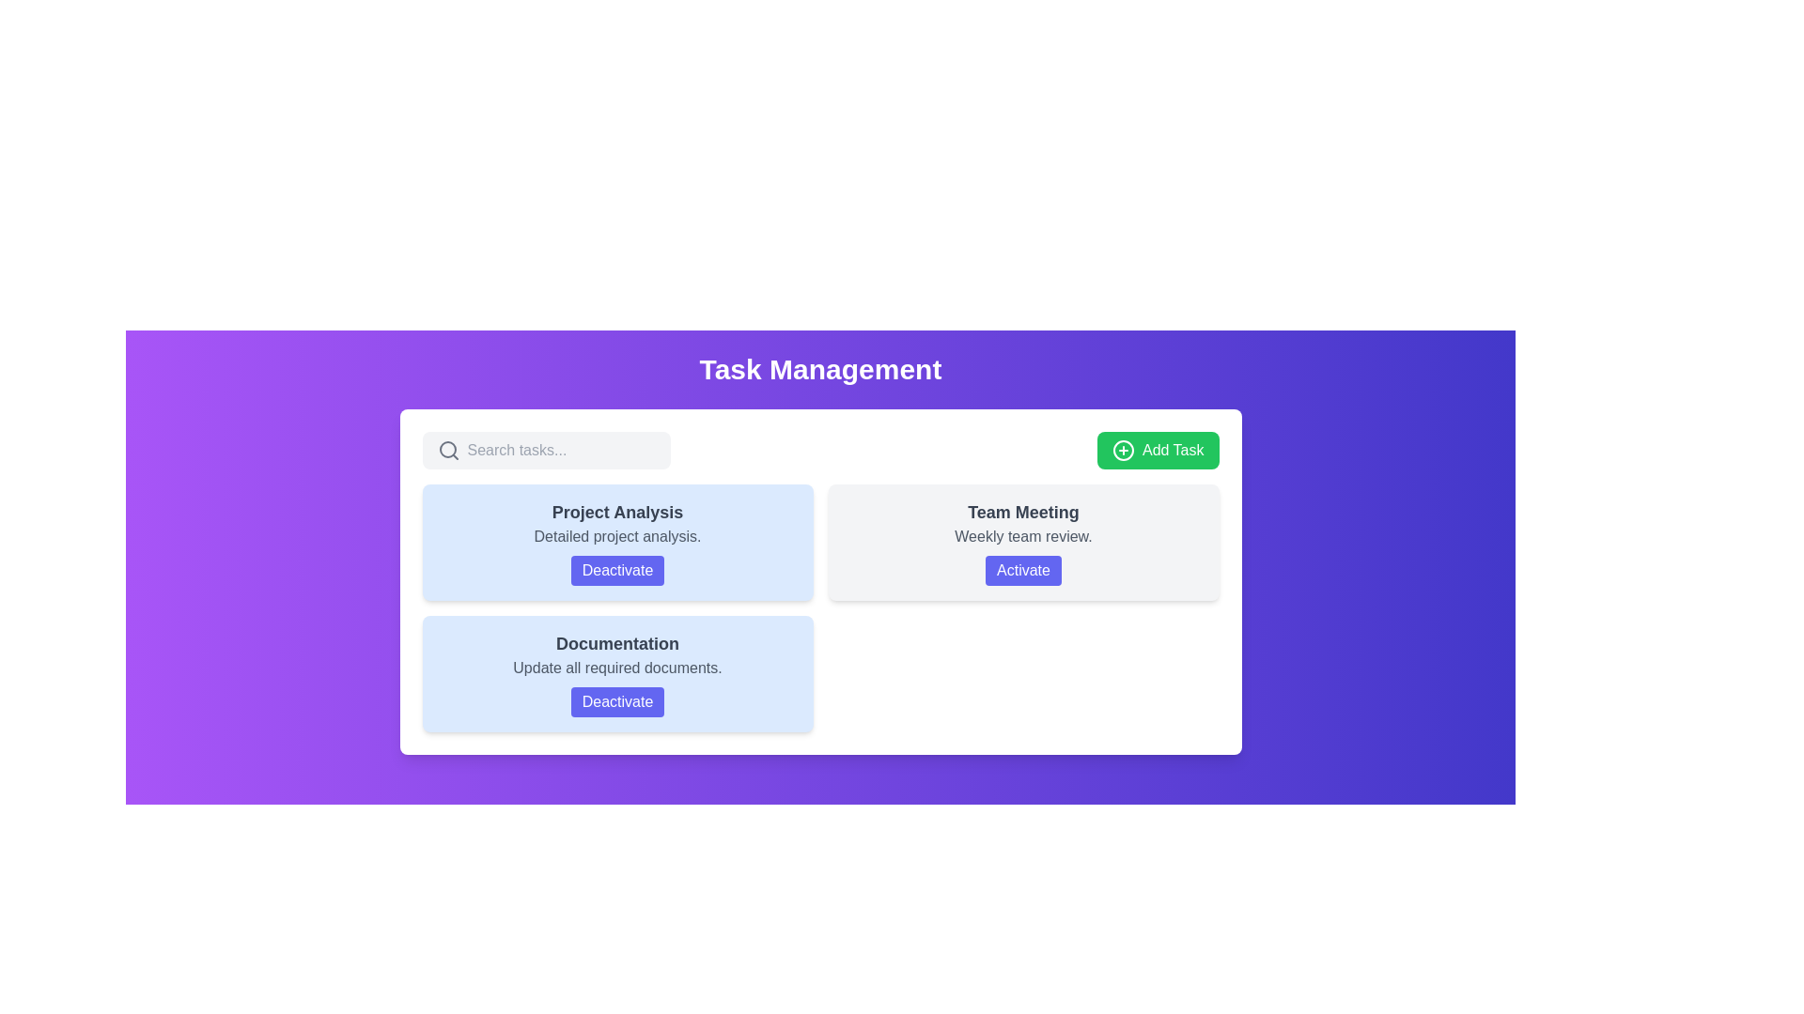 This screenshot has width=1804, height=1014. I want to click on the 'Activate' button located within the 'Team Meeting' card element, which is the second item in the grid layout under 'Task Management', so click(1022, 543).